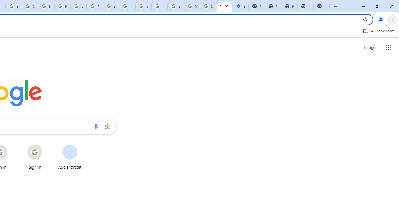  What do you see at coordinates (371, 47) in the screenshot?
I see `'Search for Images '` at bounding box center [371, 47].